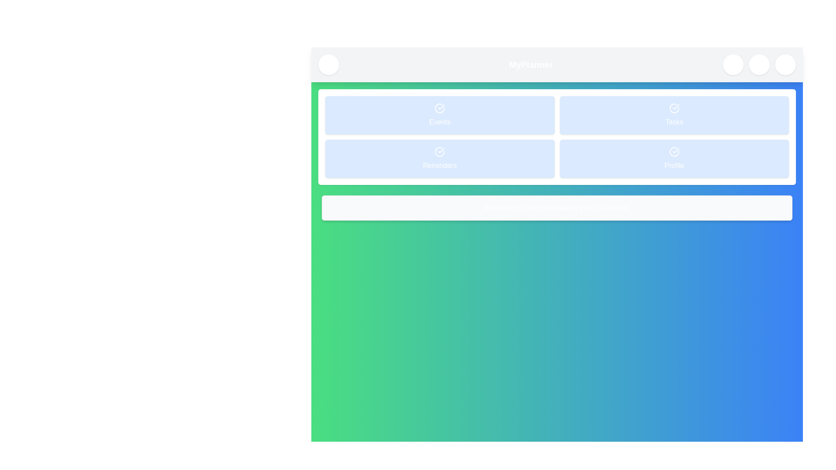 This screenshot has width=836, height=470. What do you see at coordinates (674, 159) in the screenshot?
I see `the 'Profile' button to open the Profile section` at bounding box center [674, 159].